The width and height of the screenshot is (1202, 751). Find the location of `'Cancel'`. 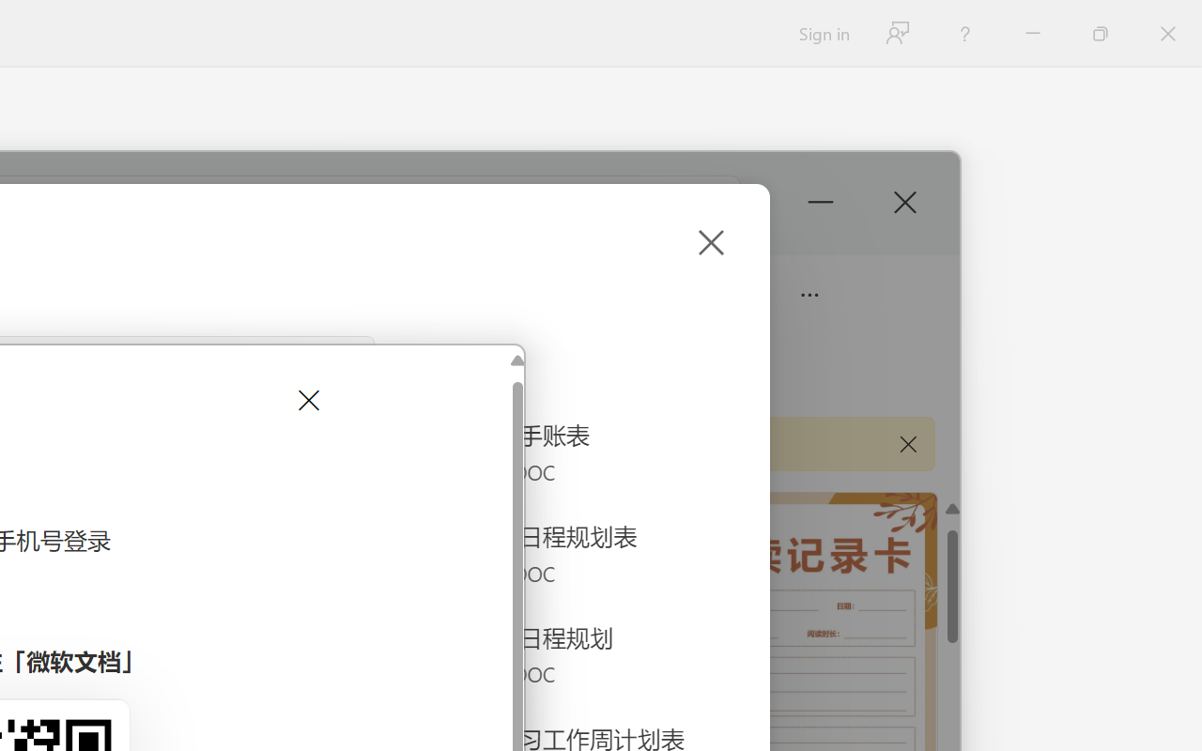

'Cancel' is located at coordinates (307, 400).